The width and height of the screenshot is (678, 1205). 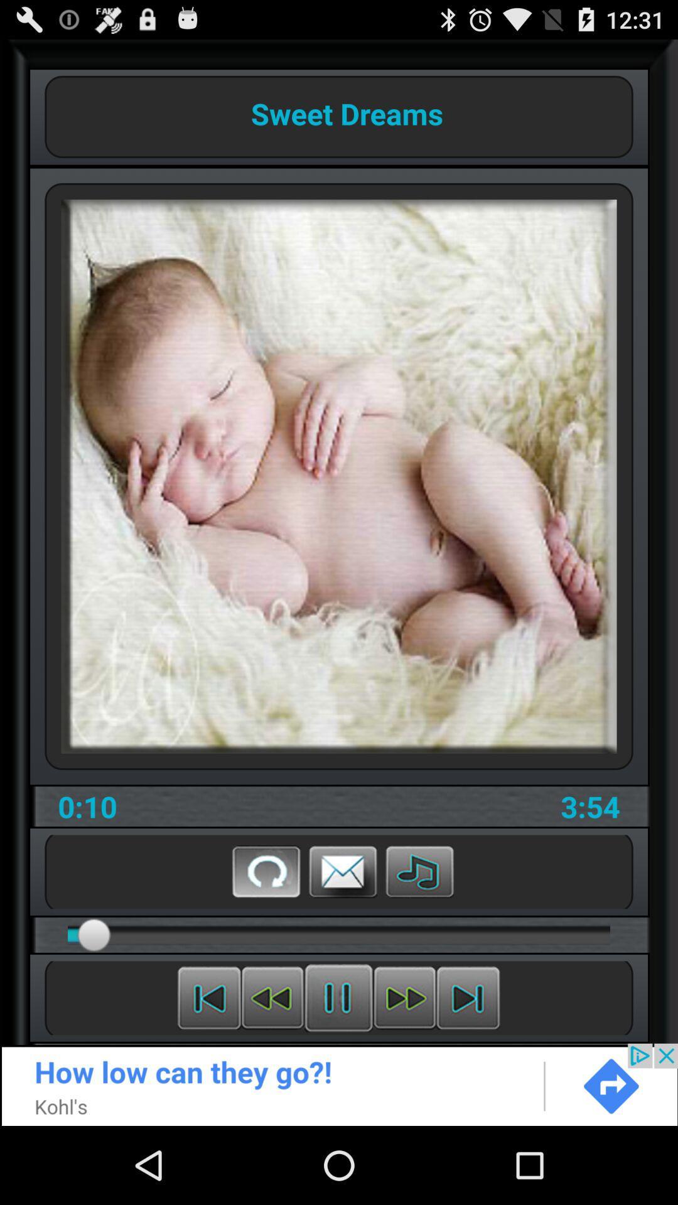 I want to click on rotate option, so click(x=266, y=870).